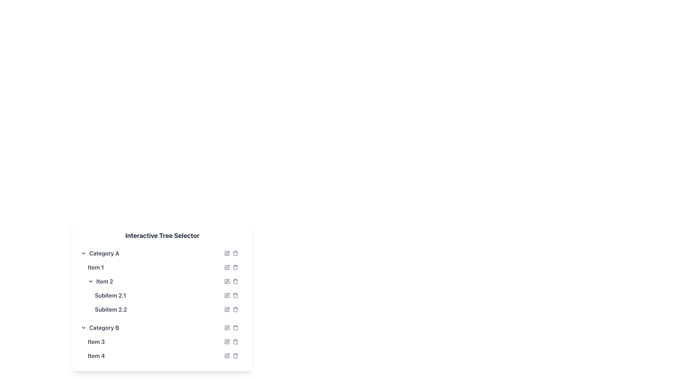 The image size is (675, 379). What do you see at coordinates (90, 281) in the screenshot?
I see `the chevron-down icon` at bounding box center [90, 281].